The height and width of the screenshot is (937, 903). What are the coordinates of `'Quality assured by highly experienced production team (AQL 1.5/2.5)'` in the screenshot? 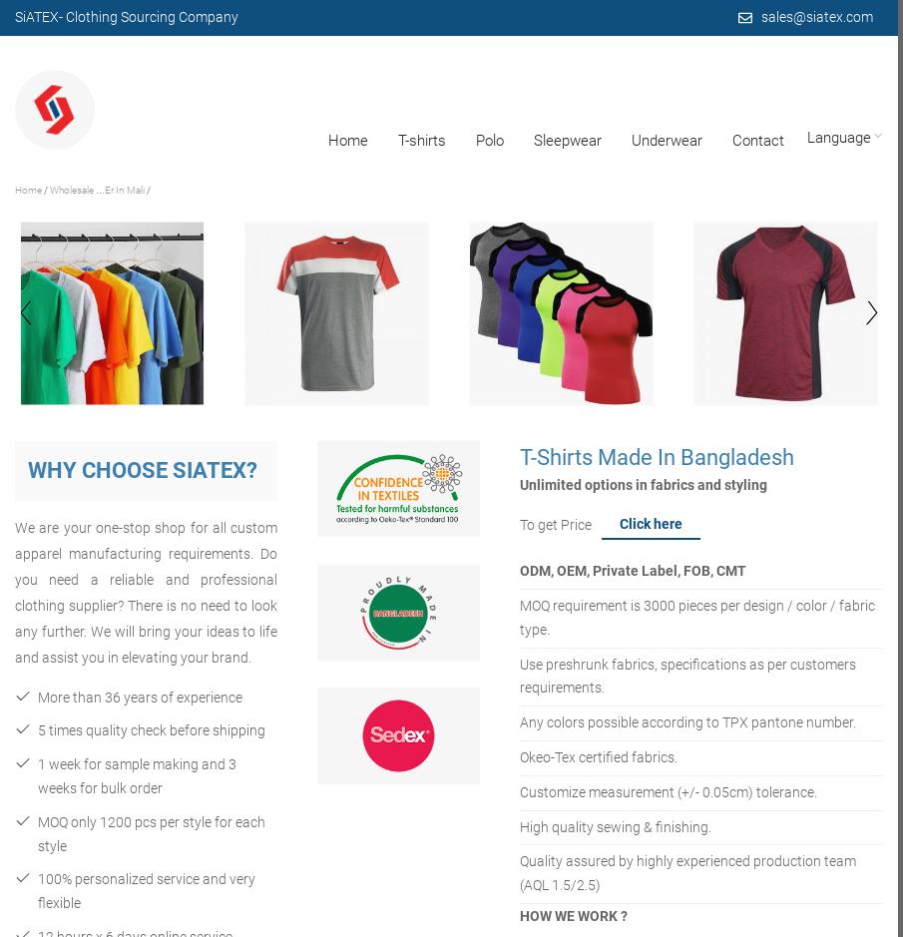 It's located at (518, 872).